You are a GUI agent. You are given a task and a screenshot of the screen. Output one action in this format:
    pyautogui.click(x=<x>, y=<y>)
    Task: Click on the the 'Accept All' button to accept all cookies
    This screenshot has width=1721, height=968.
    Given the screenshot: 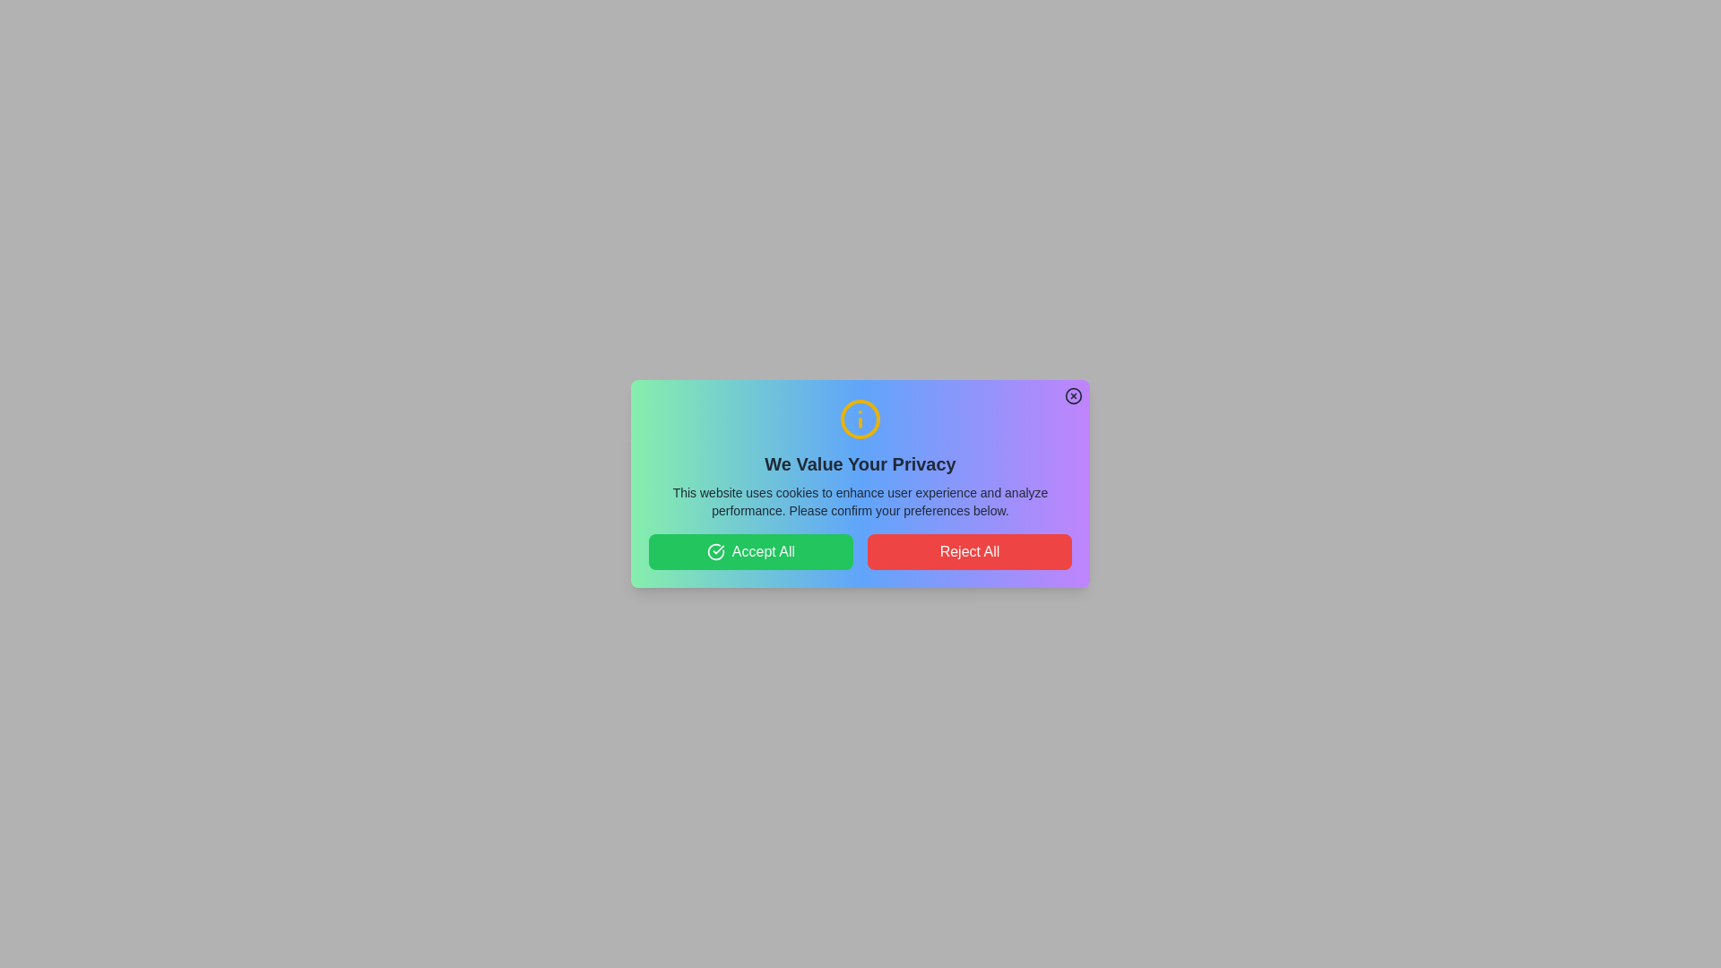 What is the action you would take?
    pyautogui.click(x=751, y=551)
    